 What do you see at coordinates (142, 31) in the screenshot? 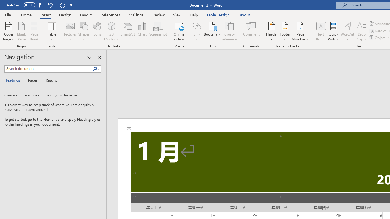
I see `'Chart...'` at bounding box center [142, 31].